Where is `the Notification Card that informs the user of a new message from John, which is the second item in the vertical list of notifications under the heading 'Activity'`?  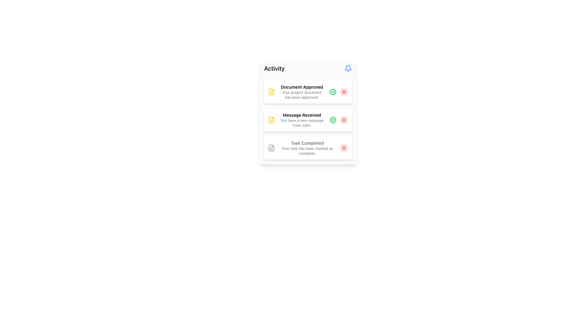
the Notification Card that informs the user of a new message from John, which is the second item in the vertical list of notifications under the heading 'Activity' is located at coordinates (308, 120).